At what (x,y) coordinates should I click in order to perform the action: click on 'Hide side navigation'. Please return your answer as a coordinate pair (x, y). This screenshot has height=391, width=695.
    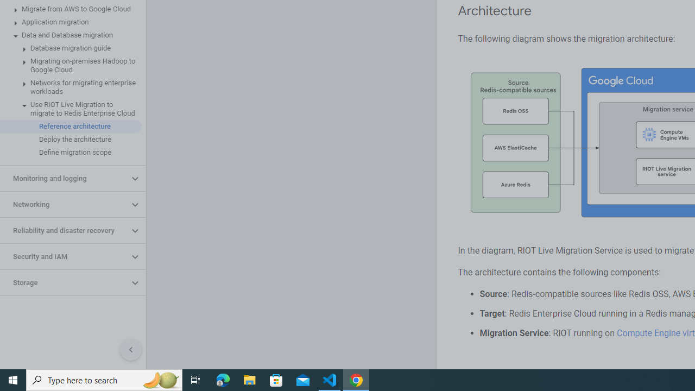
    Looking at the image, I should click on (130, 350).